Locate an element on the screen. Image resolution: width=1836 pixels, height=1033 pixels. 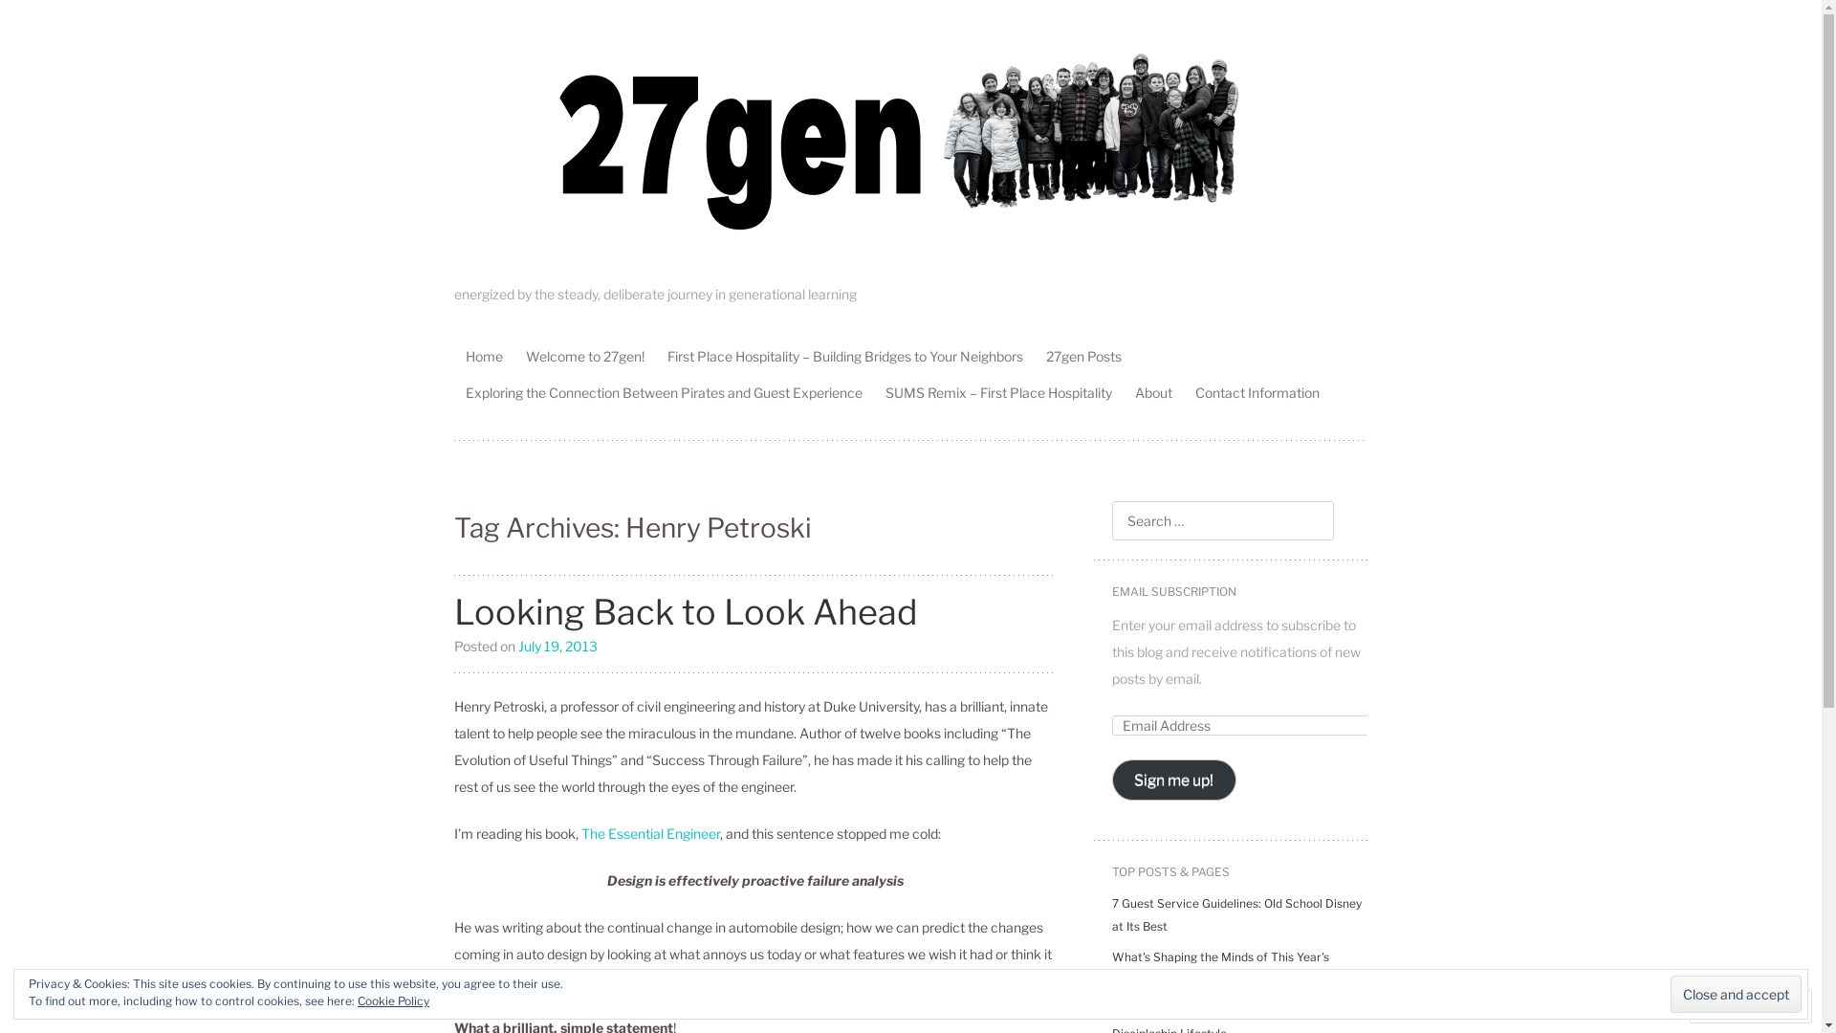
'About' is located at coordinates (1152, 390).